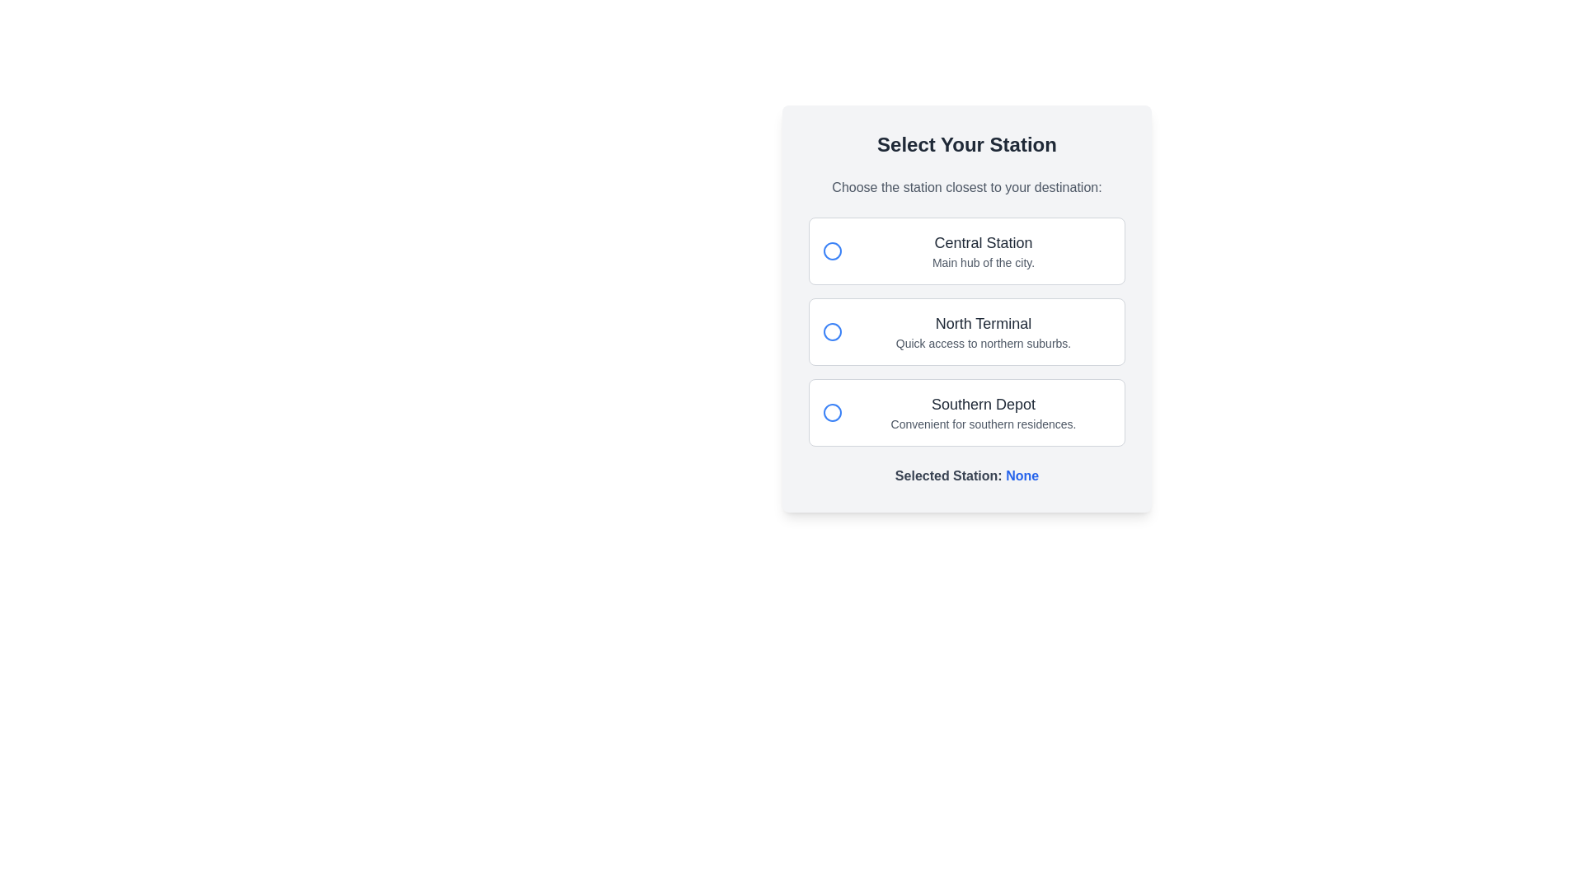  What do you see at coordinates (1022, 475) in the screenshot?
I see `the non-interactive text label indicating the current selection of a station, which displays 'Selected Station: None' in blue color` at bounding box center [1022, 475].